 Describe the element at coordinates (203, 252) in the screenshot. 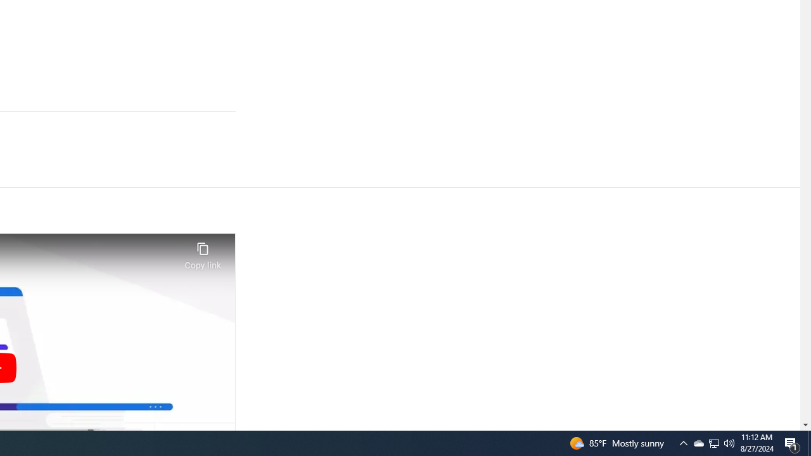

I see `'Copy link'` at that location.